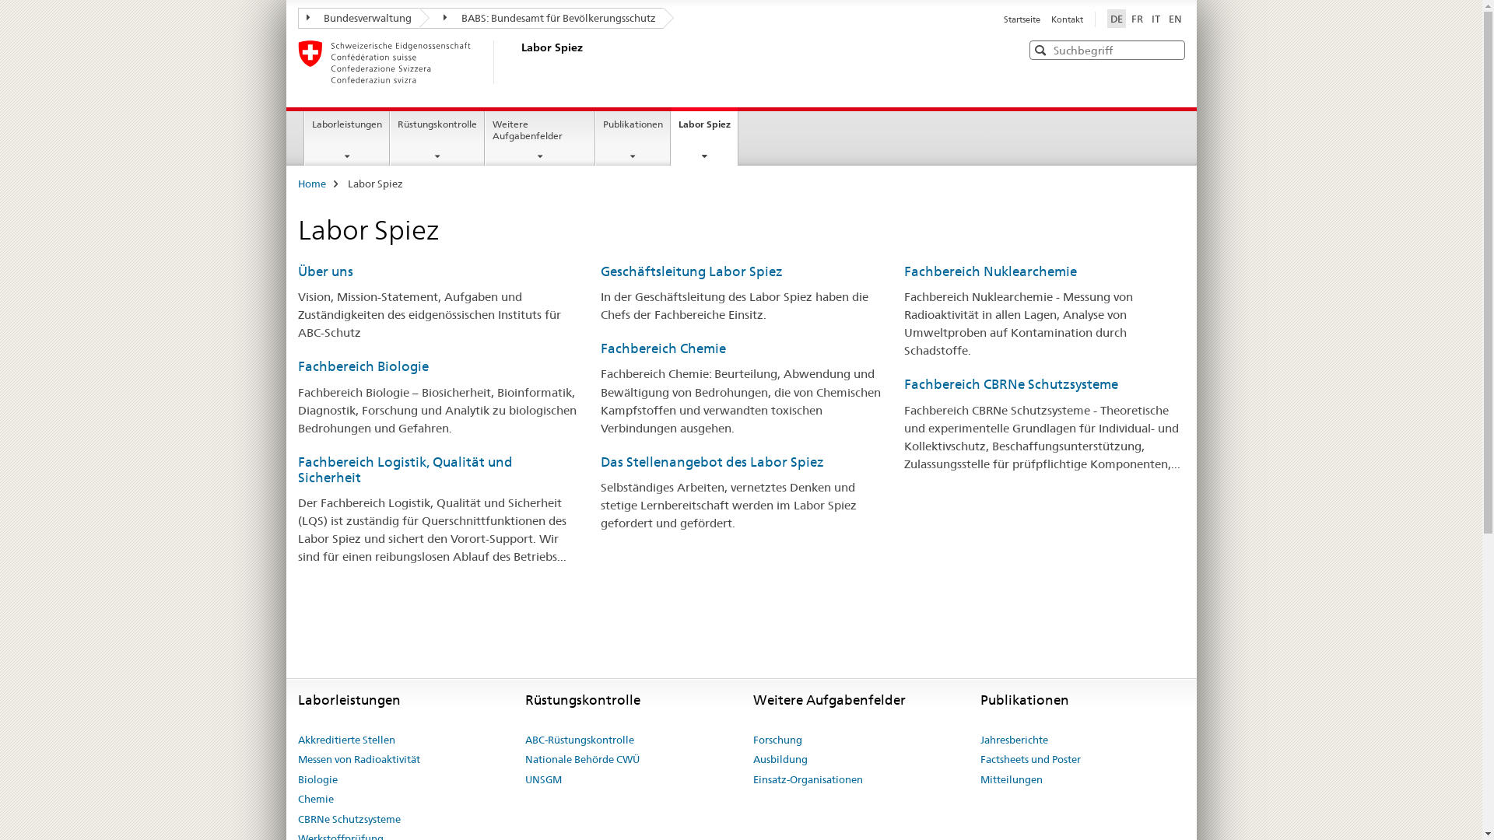  What do you see at coordinates (1012, 779) in the screenshot?
I see `'Mitteilungen'` at bounding box center [1012, 779].